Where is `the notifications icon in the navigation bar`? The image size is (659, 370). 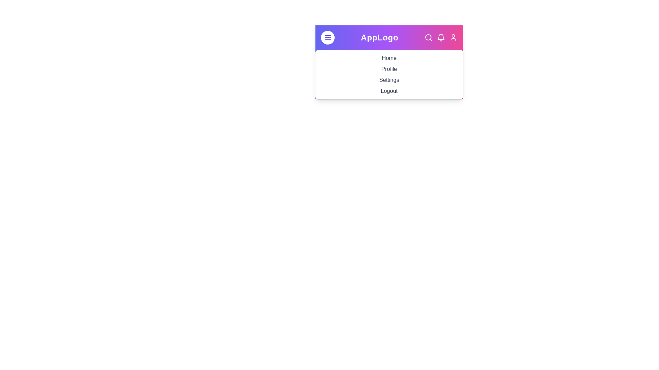
the notifications icon in the navigation bar is located at coordinates (441, 38).